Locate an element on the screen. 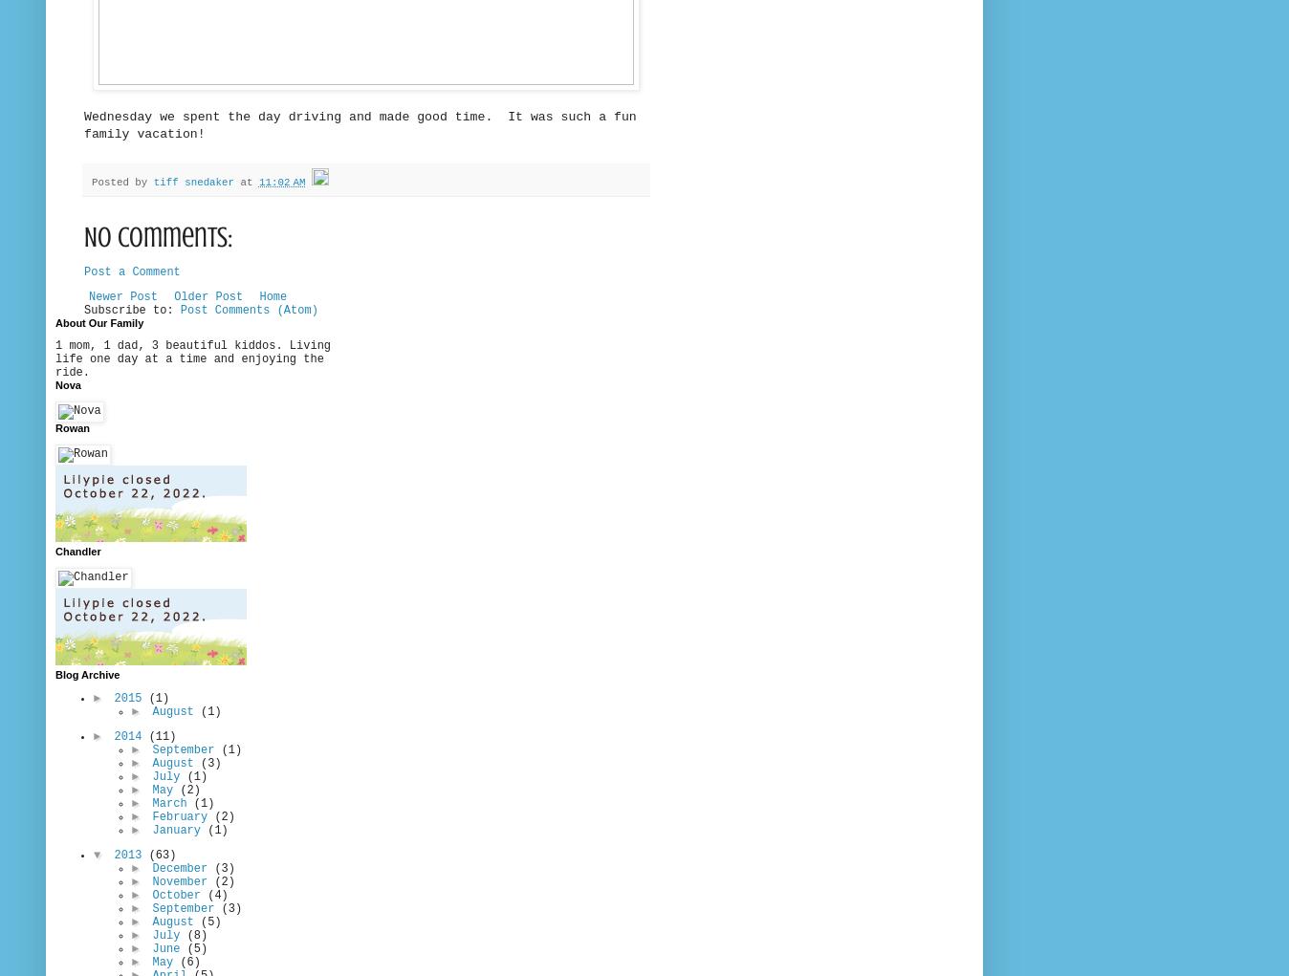  'Nova' is located at coordinates (67, 383).